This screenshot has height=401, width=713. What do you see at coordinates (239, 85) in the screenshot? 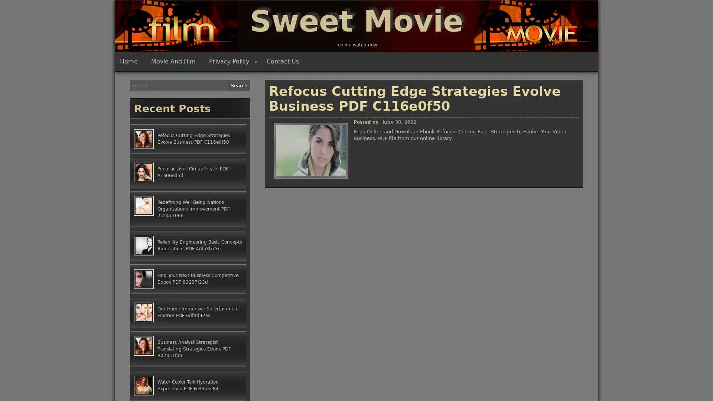
I see `Search` at bounding box center [239, 85].